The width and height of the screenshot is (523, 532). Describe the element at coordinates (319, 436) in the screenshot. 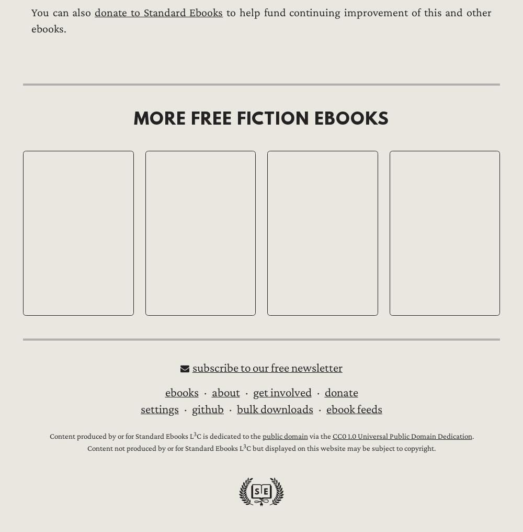

I see `'via the'` at that location.